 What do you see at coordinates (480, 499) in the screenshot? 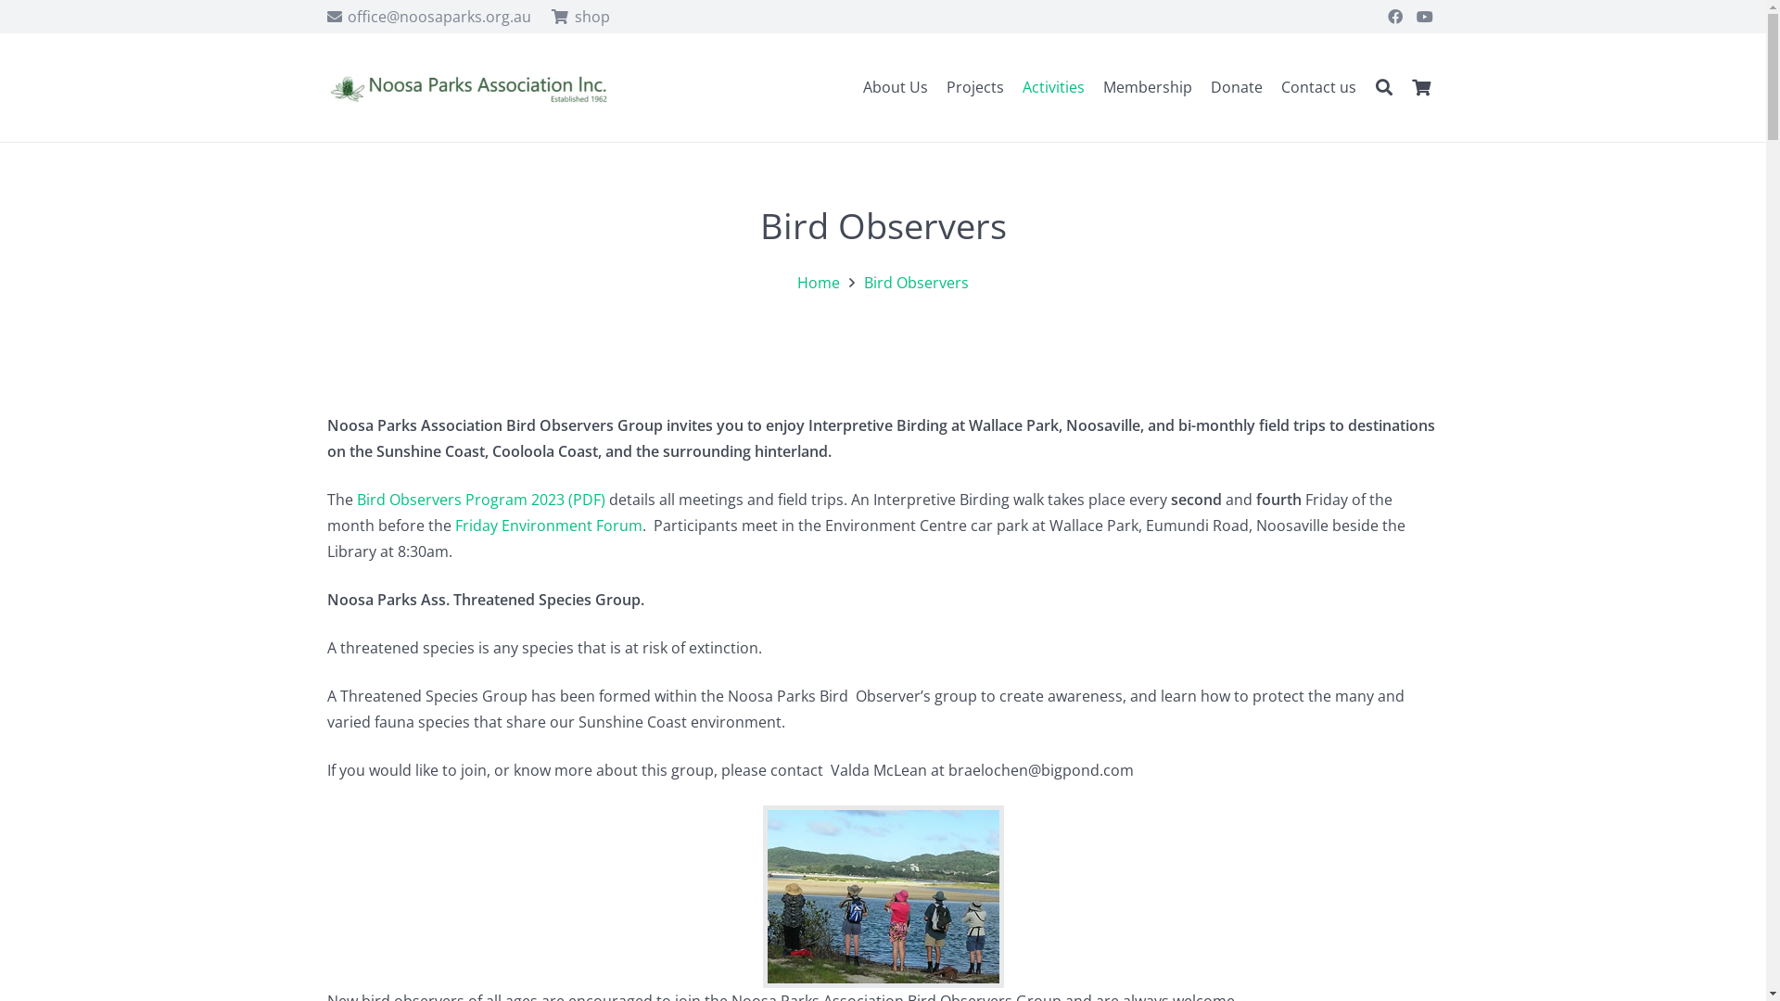
I see `'Bird Observers Program 2023 (PDF)'` at bounding box center [480, 499].